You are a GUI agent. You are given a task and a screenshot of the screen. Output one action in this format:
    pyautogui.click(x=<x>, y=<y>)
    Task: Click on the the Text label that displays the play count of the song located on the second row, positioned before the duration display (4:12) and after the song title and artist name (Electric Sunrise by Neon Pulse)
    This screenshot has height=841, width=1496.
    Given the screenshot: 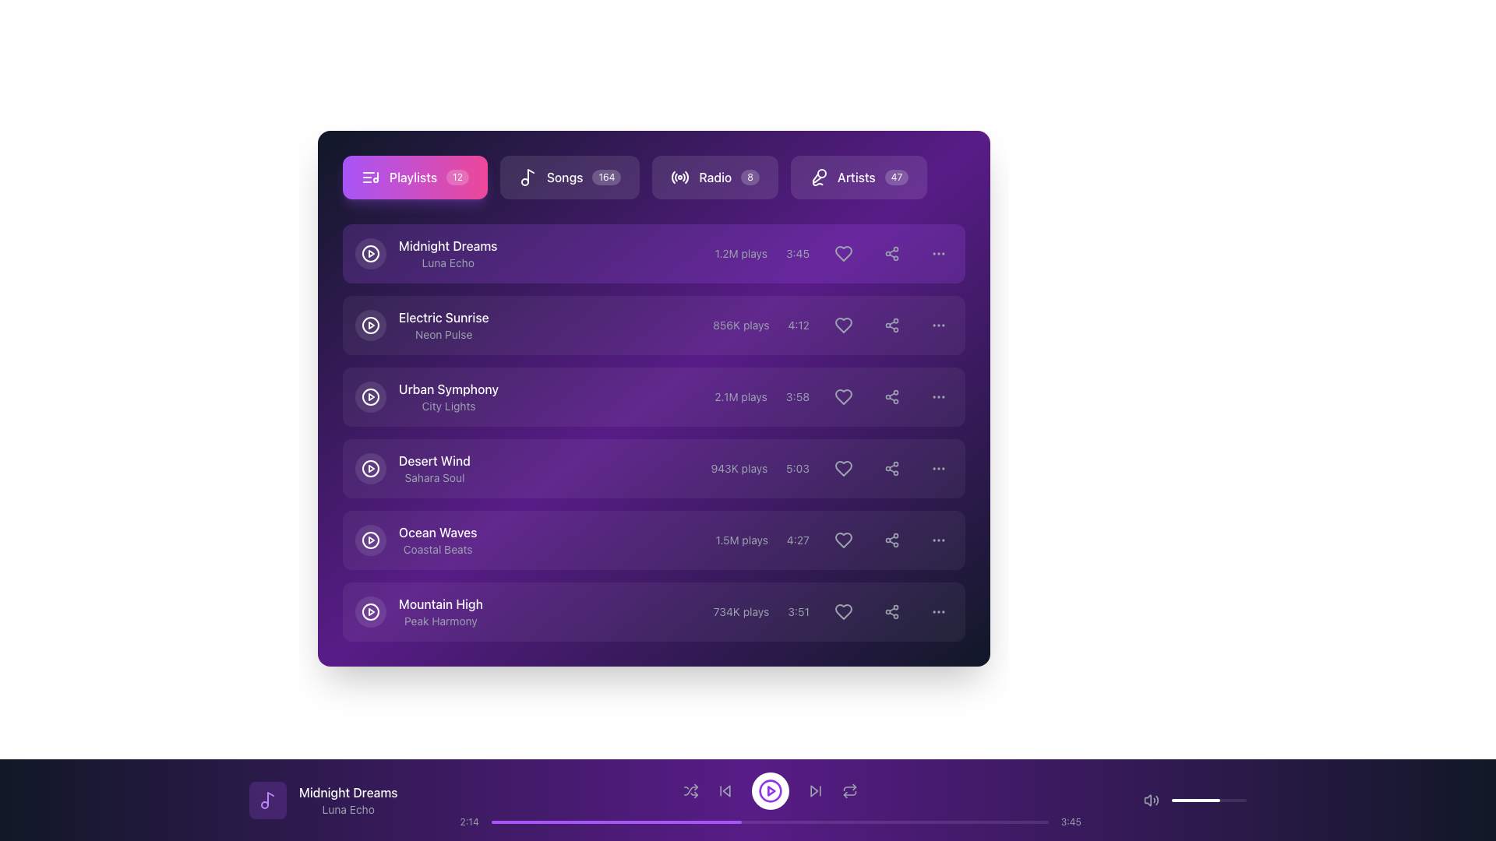 What is the action you would take?
    pyautogui.click(x=740, y=324)
    